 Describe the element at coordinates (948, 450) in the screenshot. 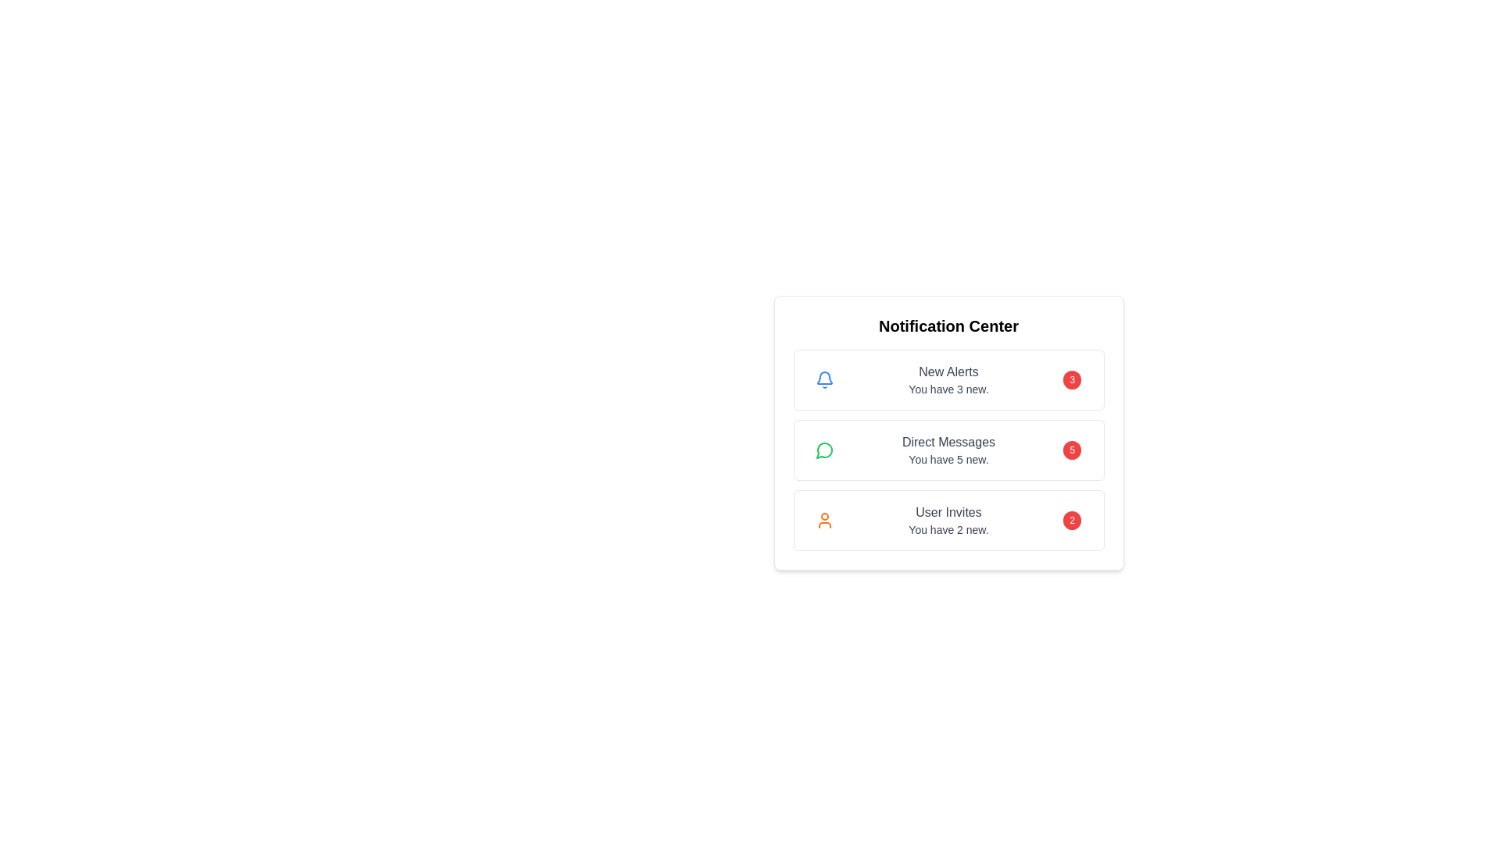

I see `text displayed in the 'Direct Messages' element, which shows 'You have 5 new.' underneath it` at that location.